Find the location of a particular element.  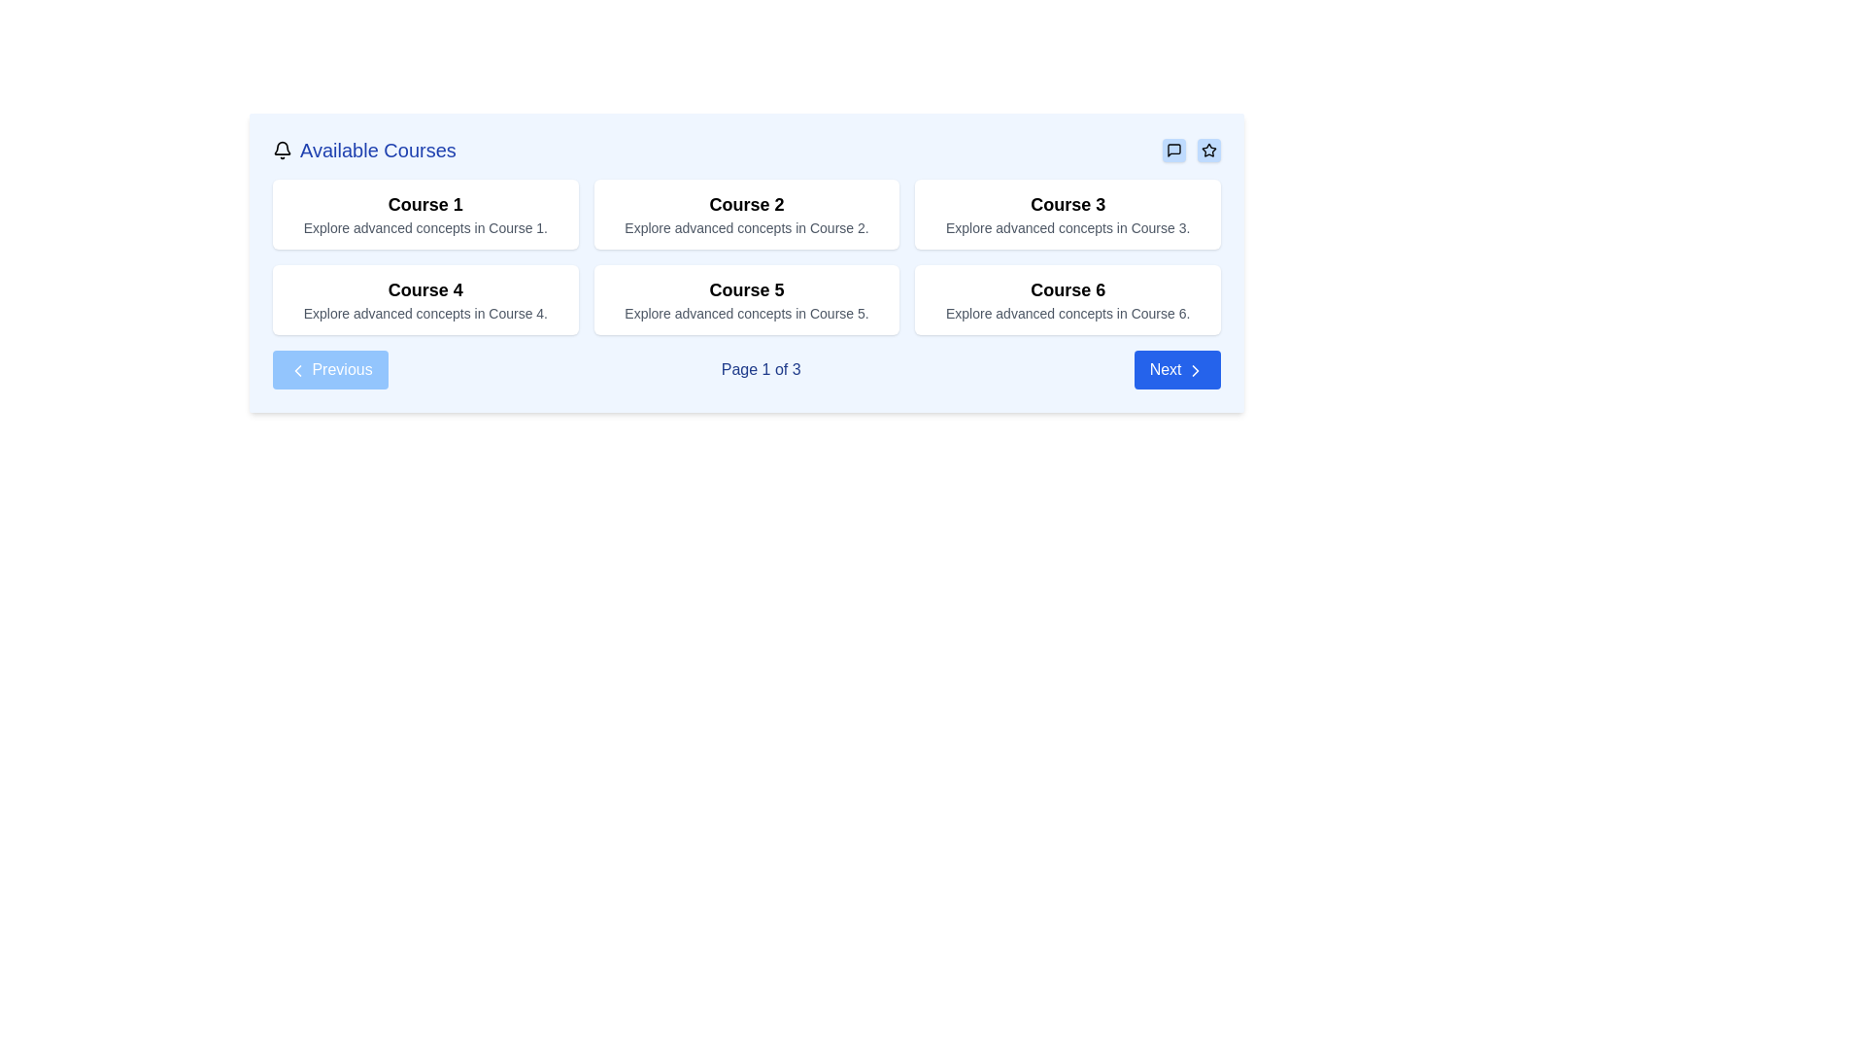

the blue 'Next' button with a right-pointing arrow icon is located at coordinates (1176, 370).